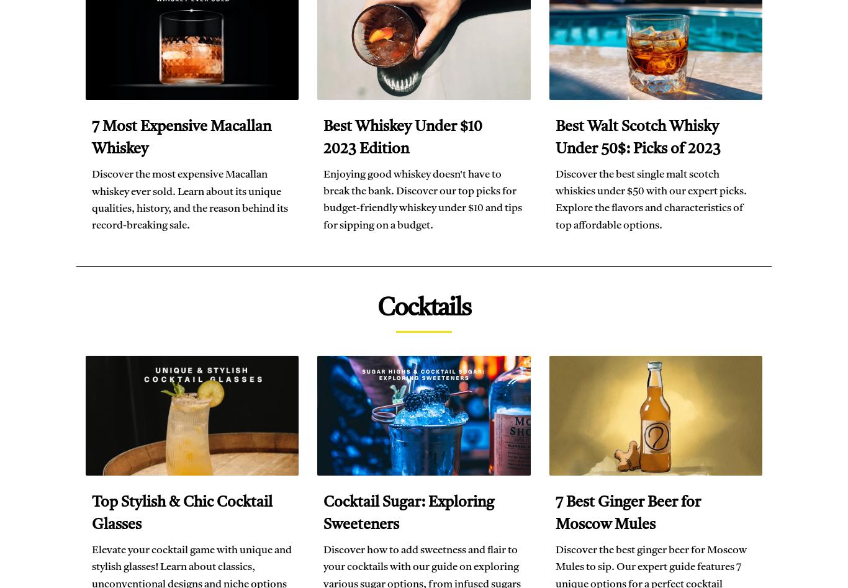 This screenshot has width=848, height=588. Describe the element at coordinates (408, 513) in the screenshot. I see `'Cocktail Sugar: Exploring Sweeteners'` at that location.